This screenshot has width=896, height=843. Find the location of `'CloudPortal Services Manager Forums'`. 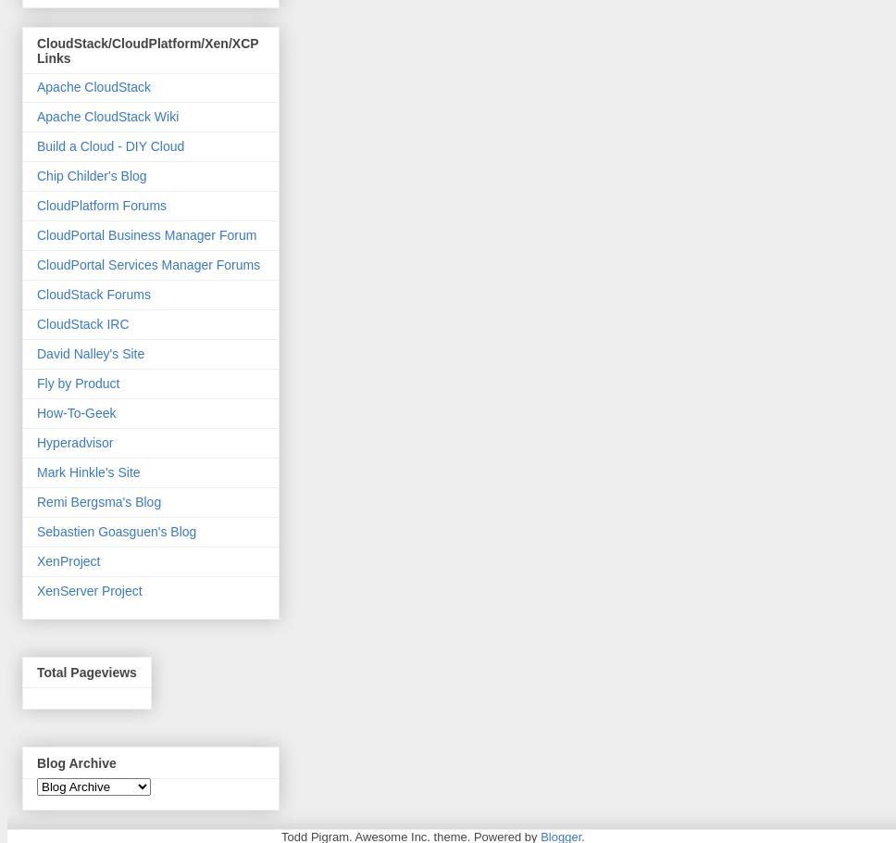

'CloudPortal Services Manager Forums' is located at coordinates (147, 263).